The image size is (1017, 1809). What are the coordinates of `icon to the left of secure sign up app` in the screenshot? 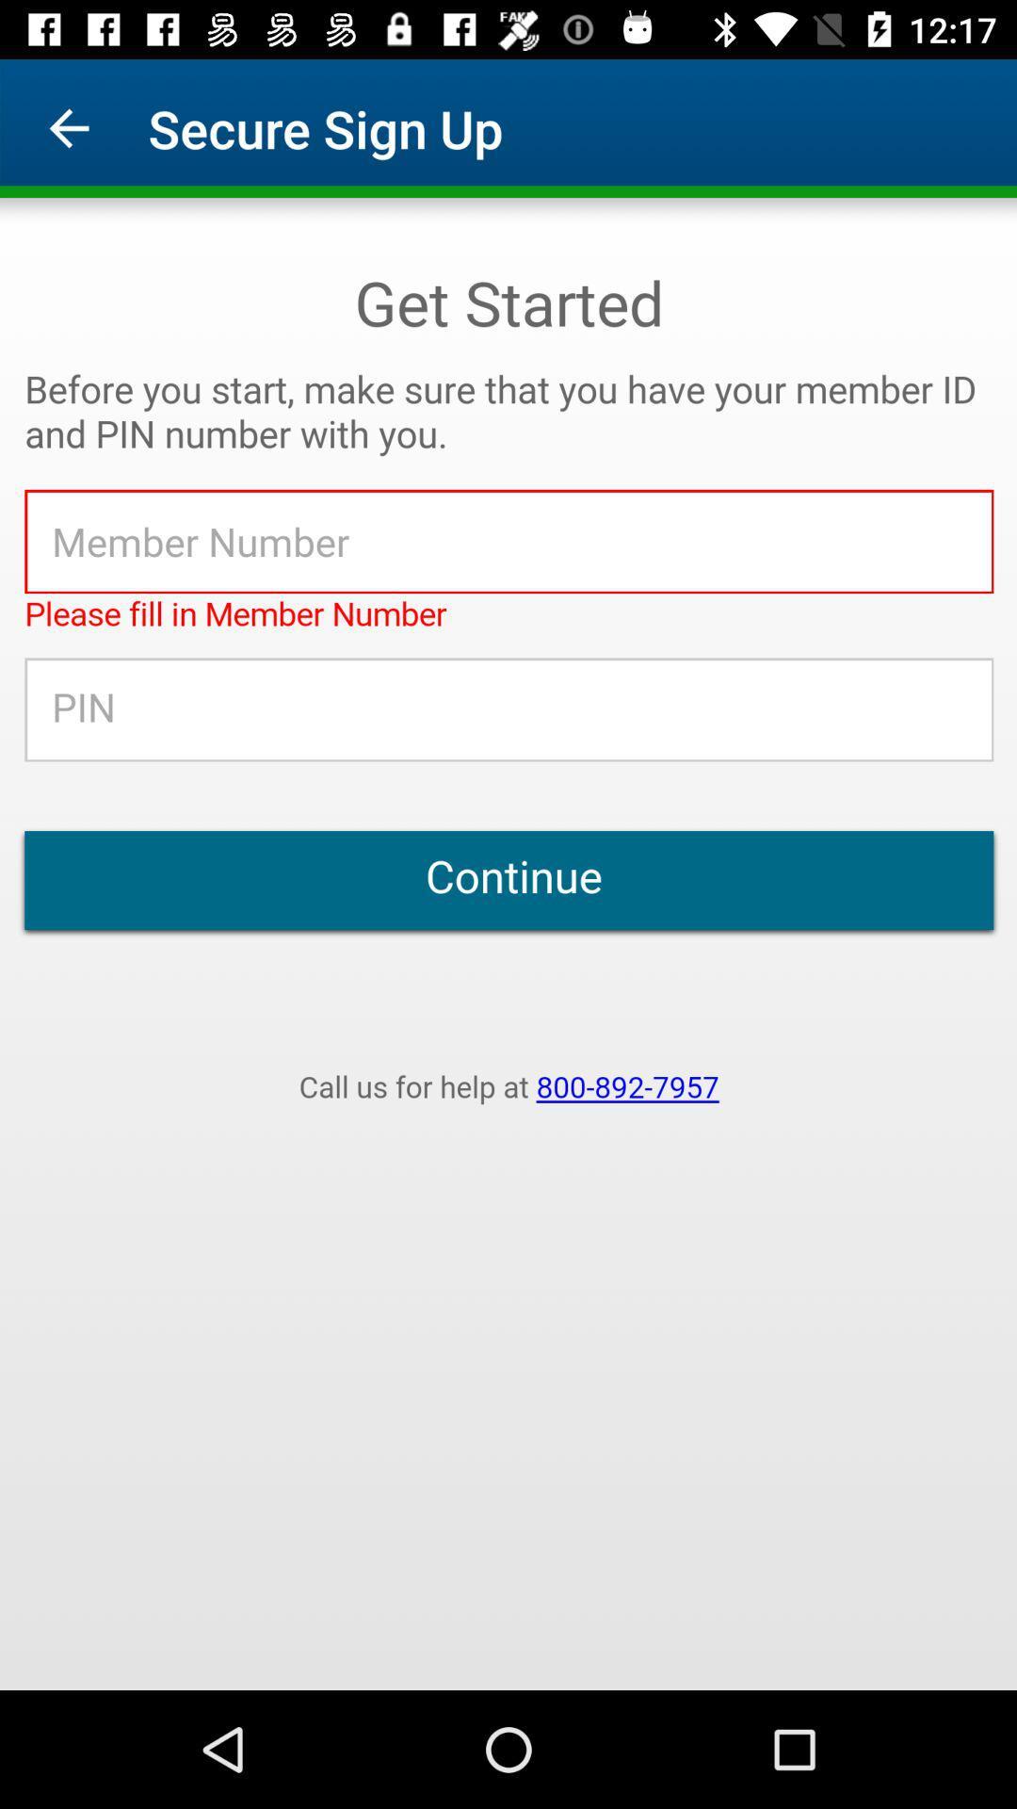 It's located at (68, 127).